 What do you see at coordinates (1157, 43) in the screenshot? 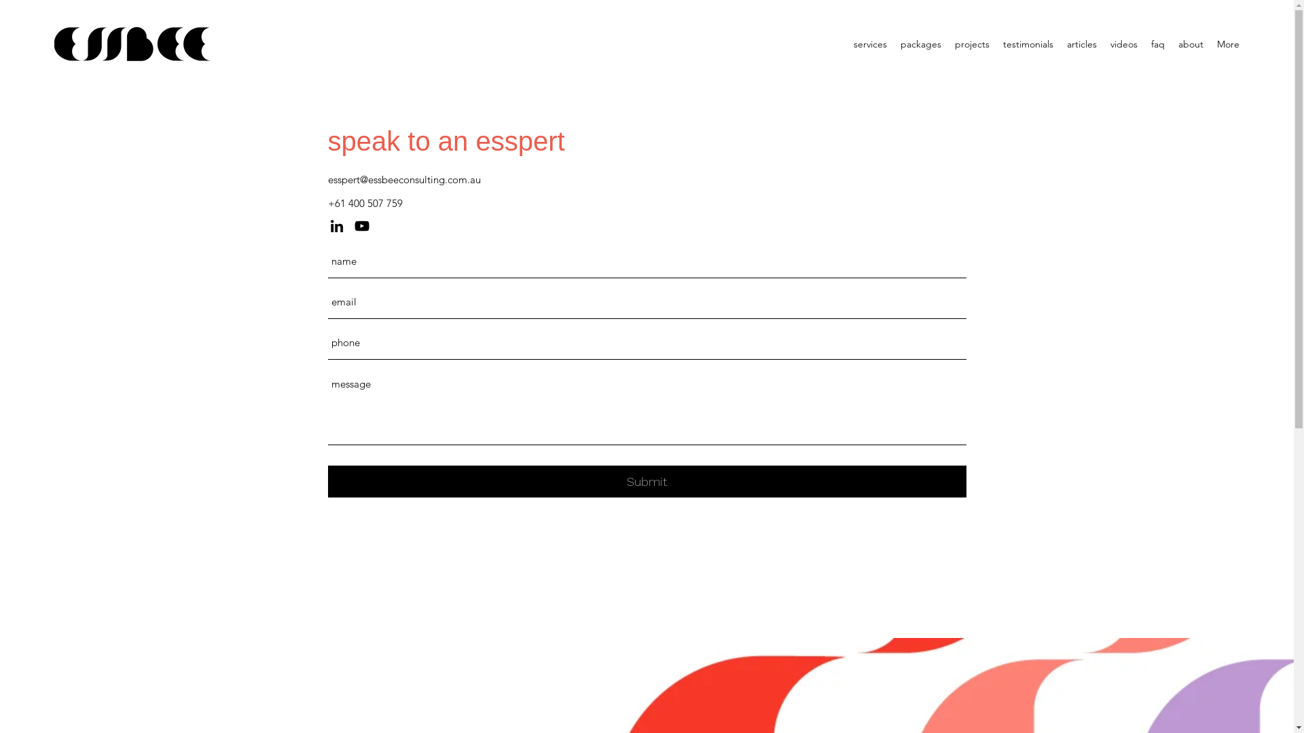
I see `'faq'` at bounding box center [1157, 43].